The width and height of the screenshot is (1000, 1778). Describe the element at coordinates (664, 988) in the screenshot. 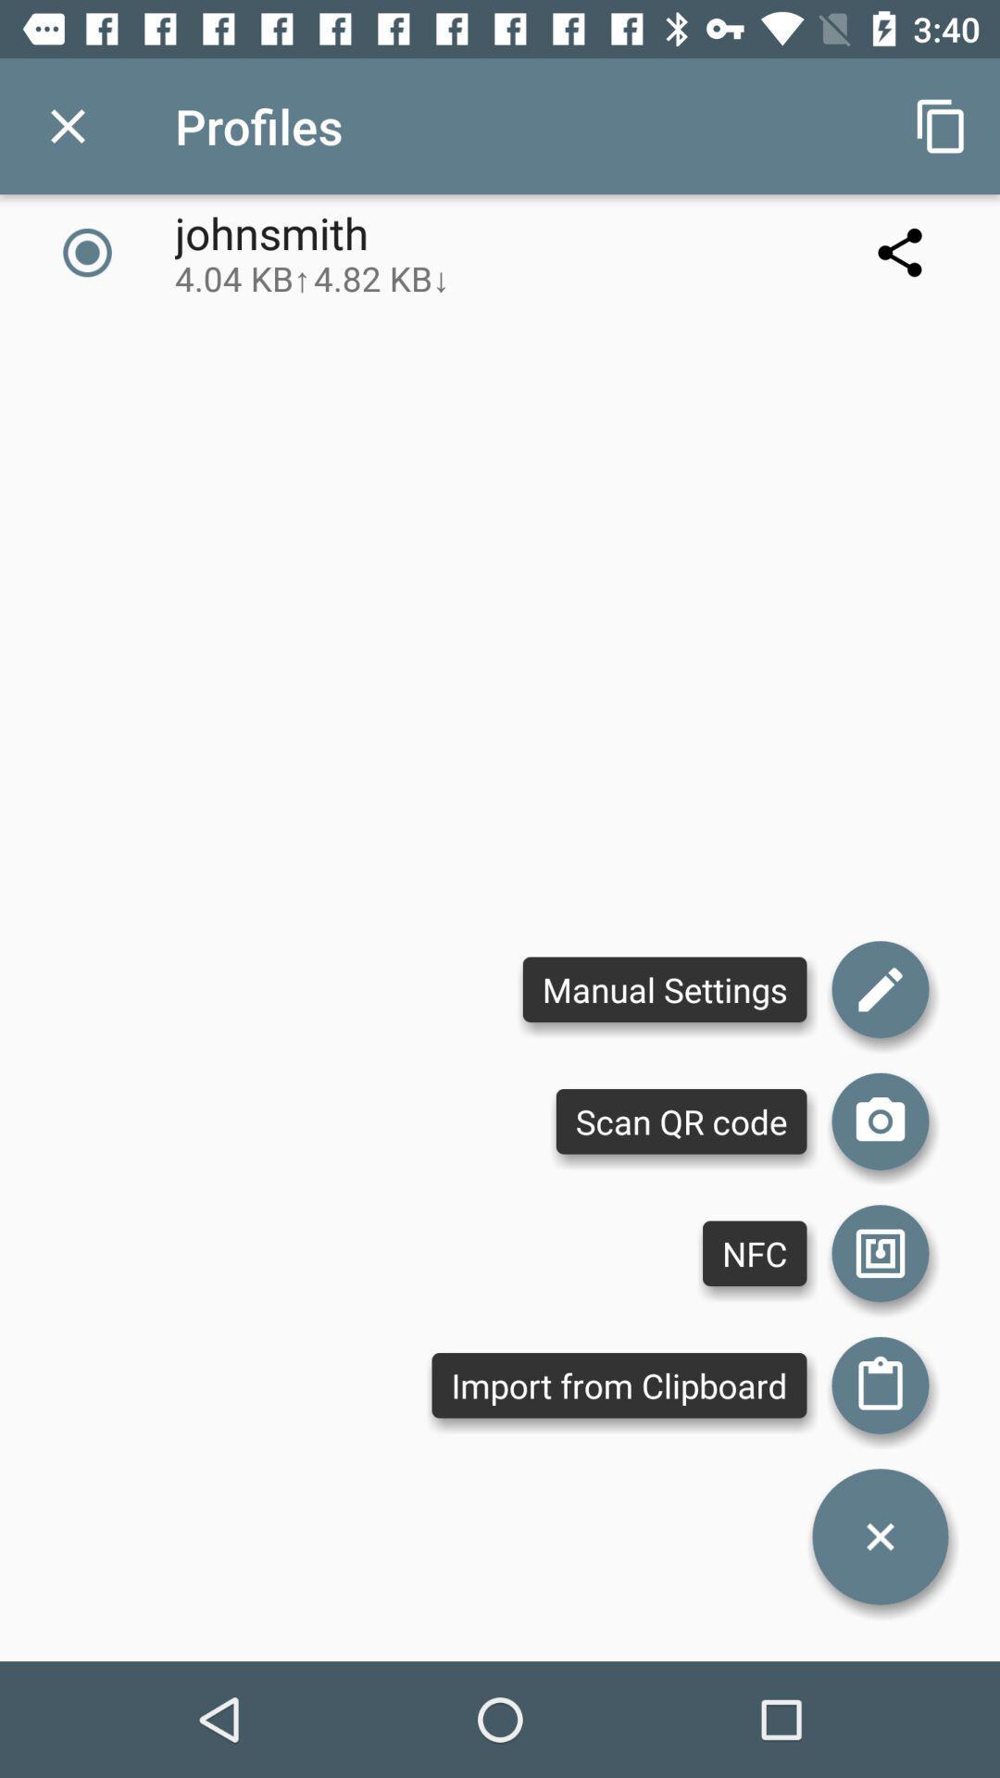

I see `item at the center` at that location.